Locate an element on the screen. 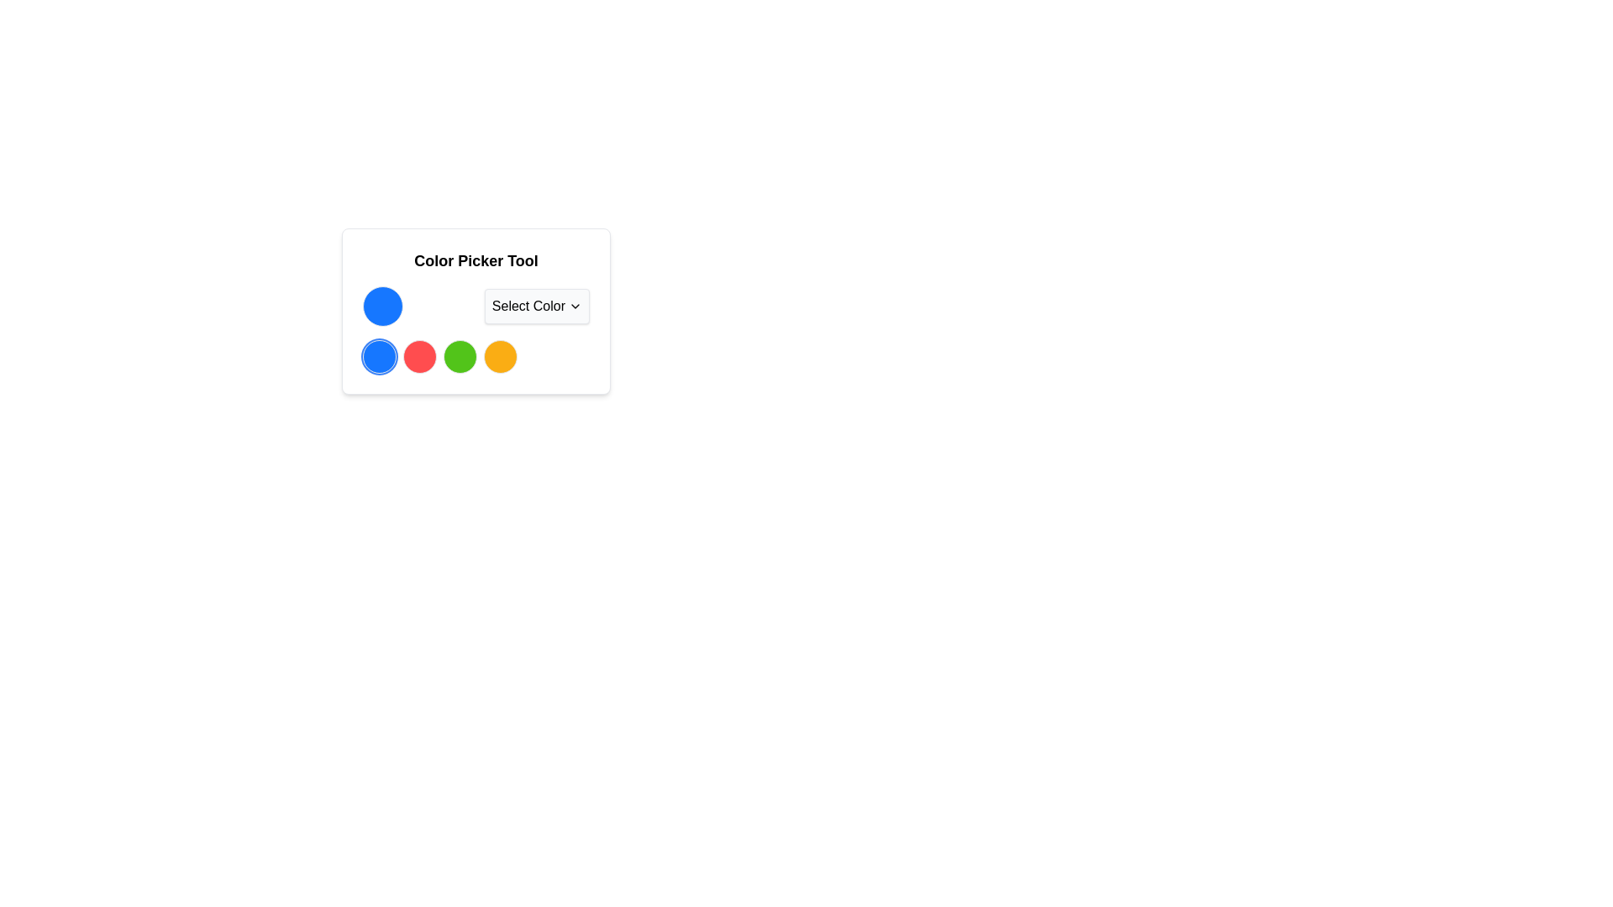 The width and height of the screenshot is (1613, 907). the text label 'Color Picker Tool', which is bold, centered, and styled with a large font size in black on a white background, located at the top of a card-like component is located at coordinates (475, 261).